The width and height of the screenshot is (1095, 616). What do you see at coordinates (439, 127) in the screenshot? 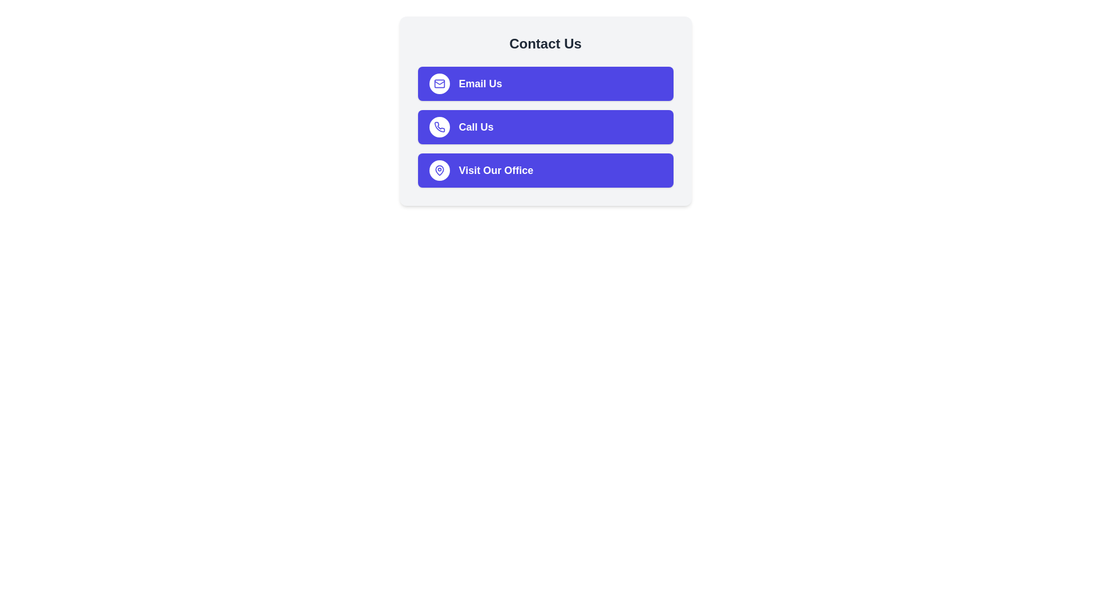
I see `the telephone handset icon located next to the 'Call Us' button in the 'Contact Us' section` at bounding box center [439, 127].